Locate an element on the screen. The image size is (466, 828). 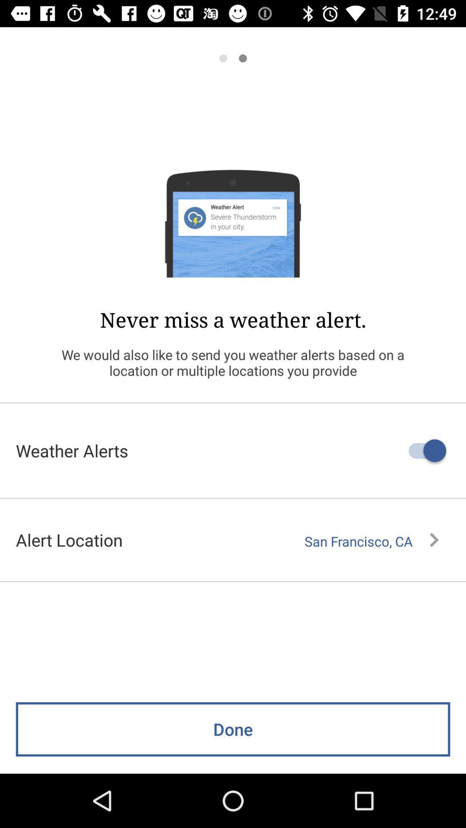
the icon to the right of alert location icon is located at coordinates (371, 541).